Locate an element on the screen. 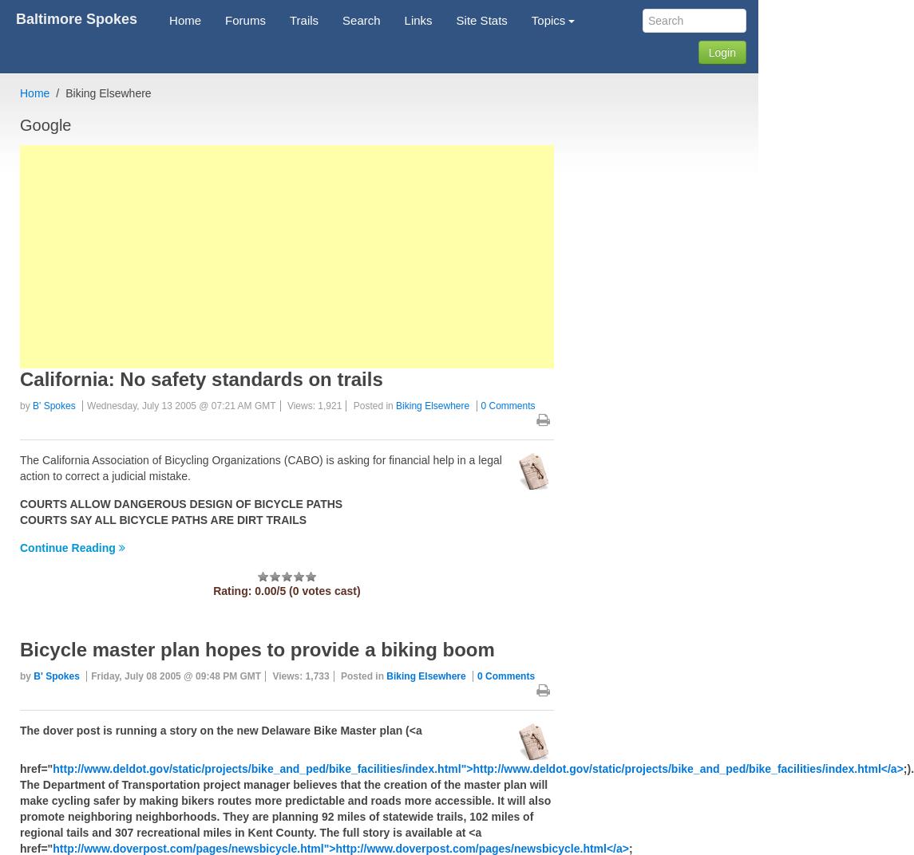 The height and width of the screenshot is (855, 914). 'Views: 1,921' is located at coordinates (314, 405).